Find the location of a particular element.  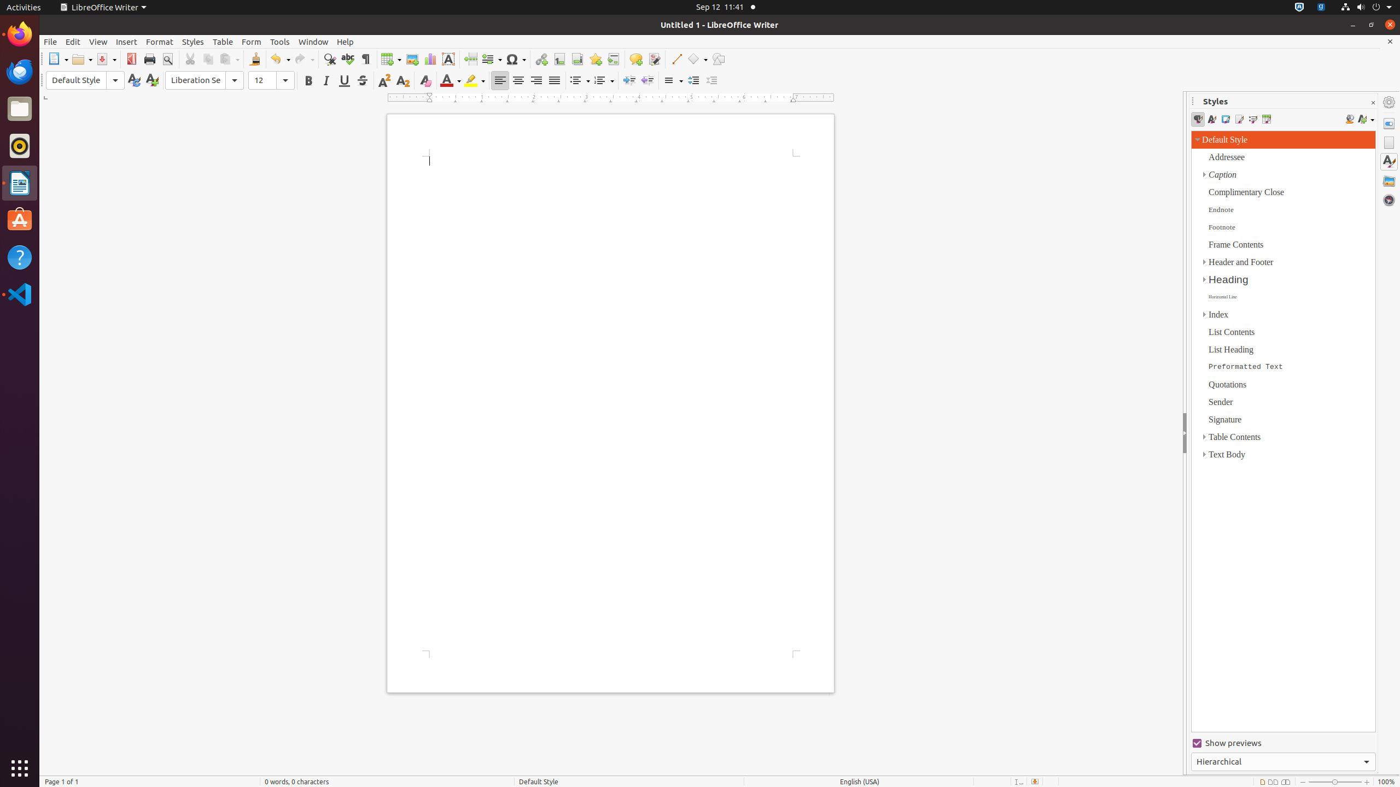

'Edit' is located at coordinates (73, 42).